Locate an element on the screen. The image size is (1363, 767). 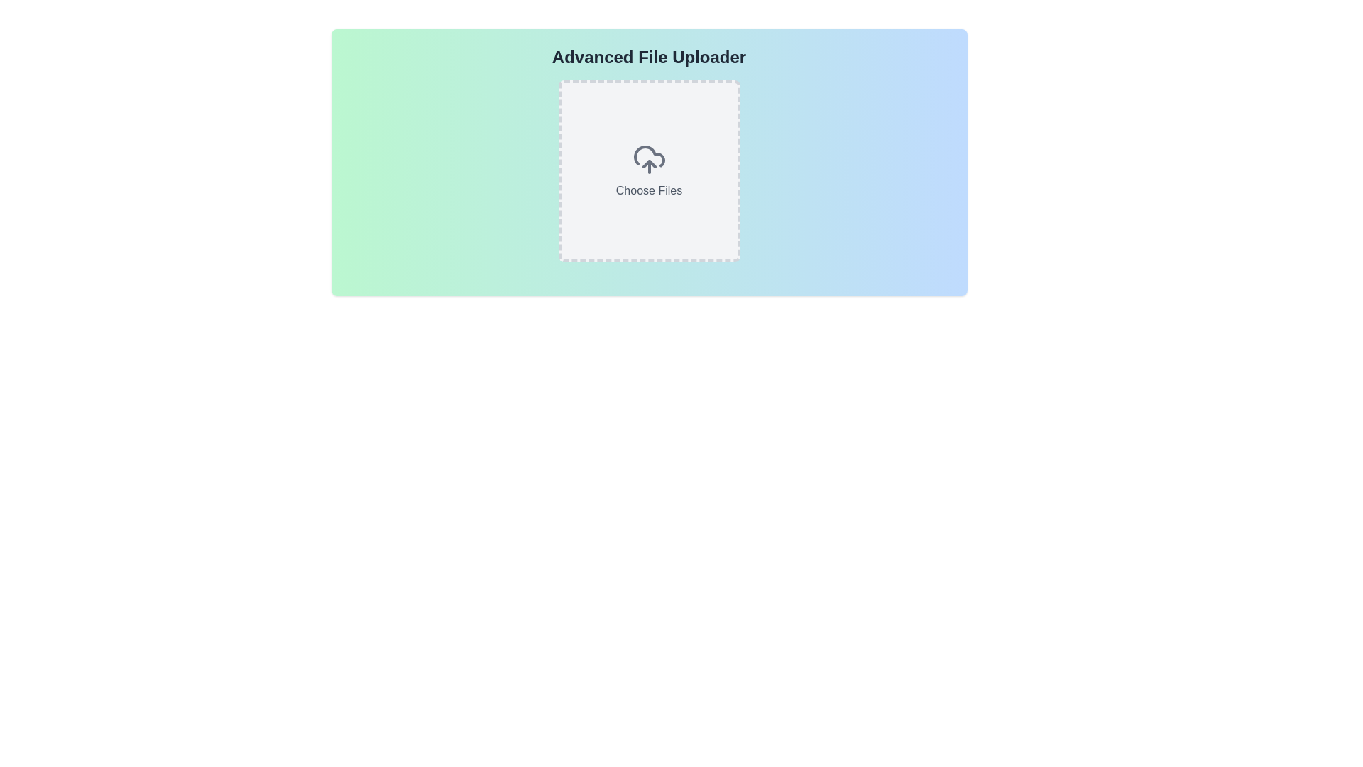
the clickable square box with a dashed border and a gray background labeled 'Choose Files' is located at coordinates (648, 170).